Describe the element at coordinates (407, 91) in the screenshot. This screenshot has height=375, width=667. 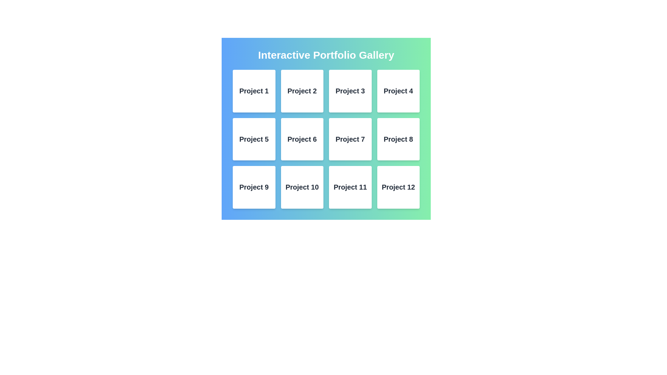
I see `the minimalistic share icon button, represented by three interconnected circles, located in the top-right part of the 'Project 4' card` at that location.